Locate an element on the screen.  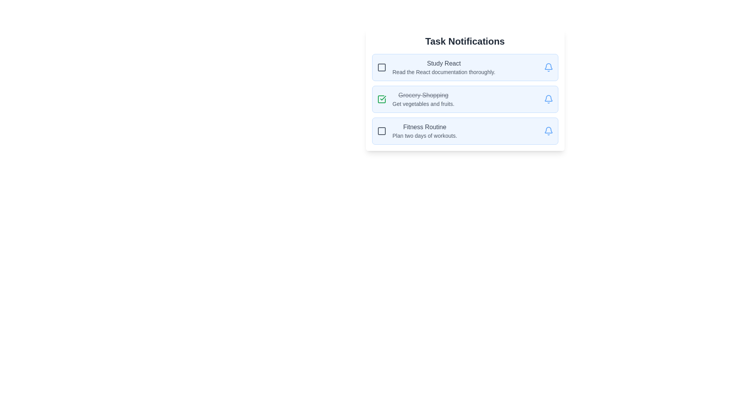
the text label that serves as the title for a task related to studying React, located at the top of the task notification list is located at coordinates (444, 63).